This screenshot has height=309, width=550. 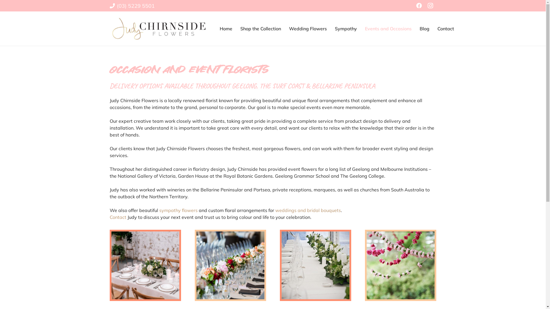 I want to click on 'Events and Occasions', so click(x=360, y=29).